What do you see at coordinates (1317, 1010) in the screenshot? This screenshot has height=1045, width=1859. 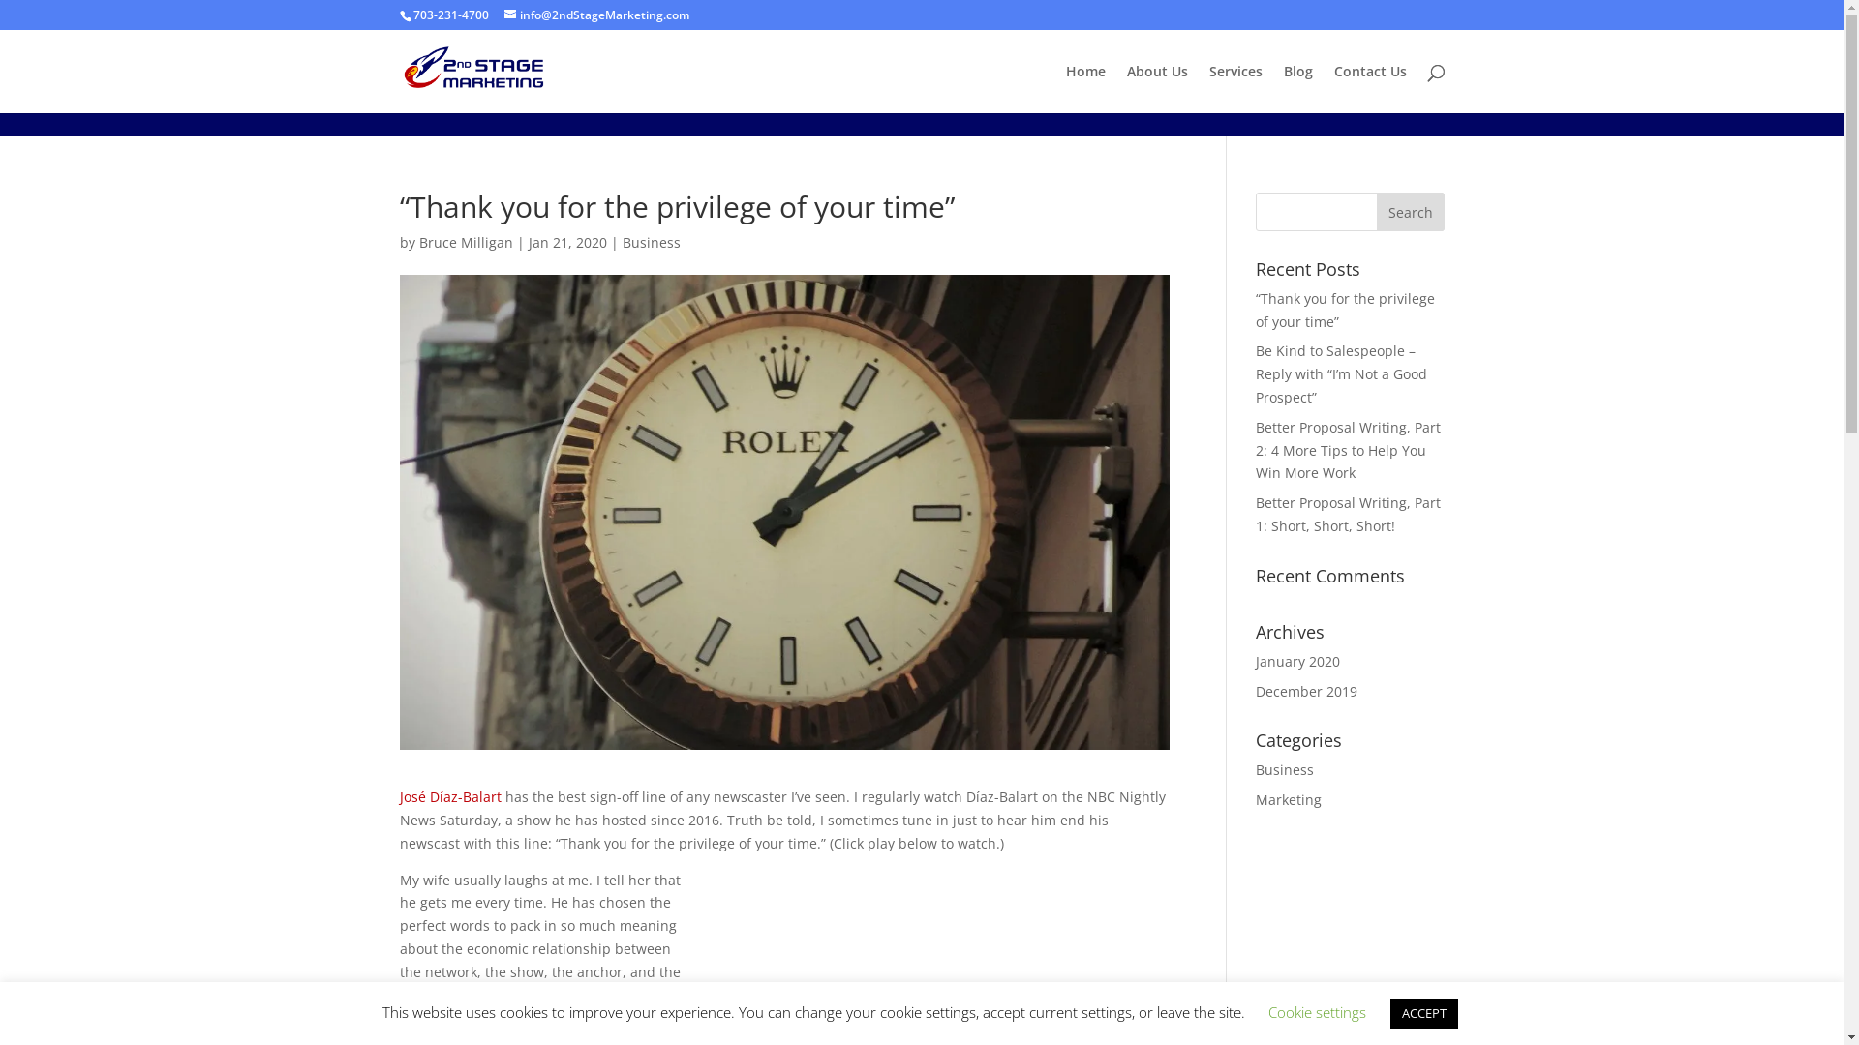 I see `'Cookie settings'` at bounding box center [1317, 1010].